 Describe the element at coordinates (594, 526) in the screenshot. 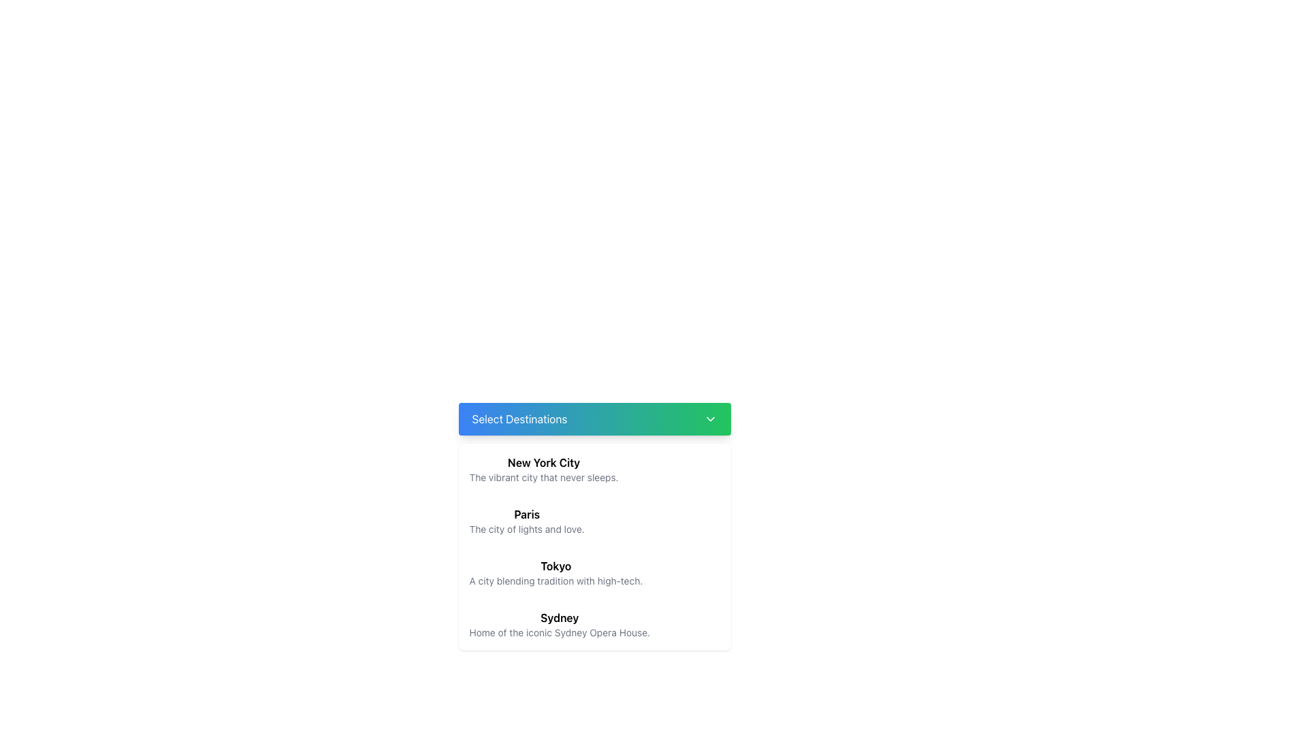

I see `the list item displaying details about 'Paris,' which is the second option in the selectable destinations list, located below 'New York City' and above 'Tokyo.'` at that location.